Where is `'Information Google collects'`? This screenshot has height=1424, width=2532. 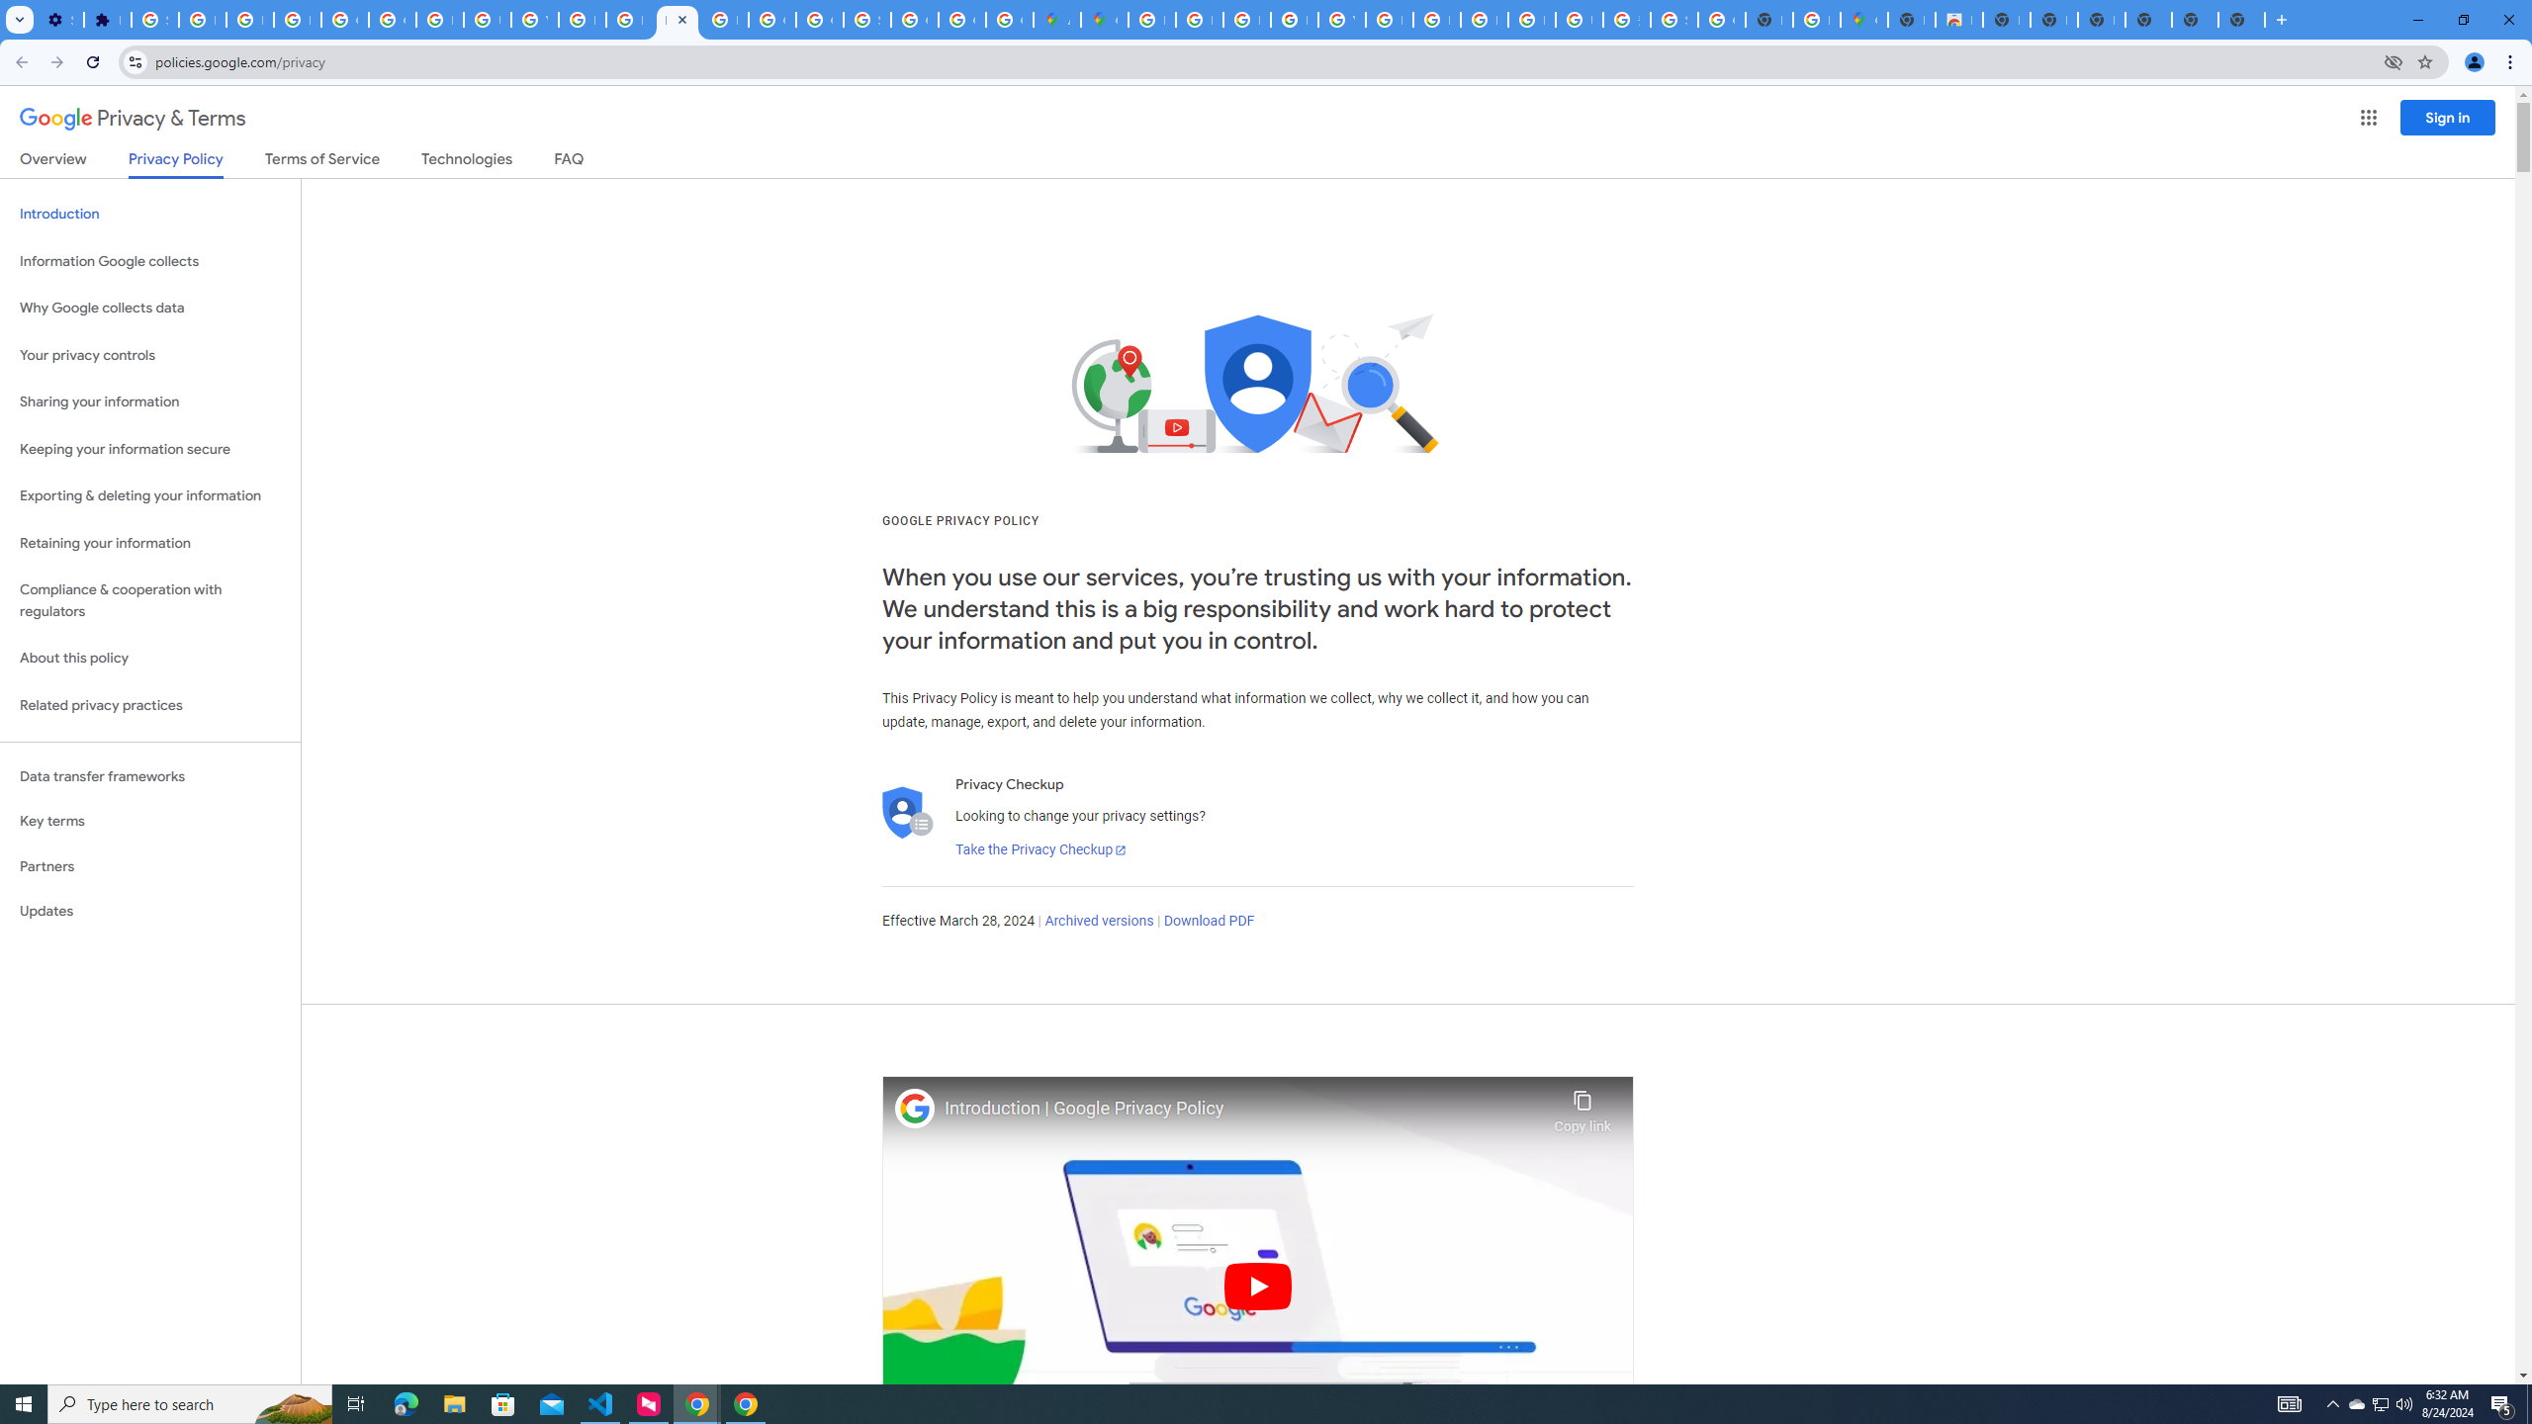
'Information Google collects' is located at coordinates (149, 261).